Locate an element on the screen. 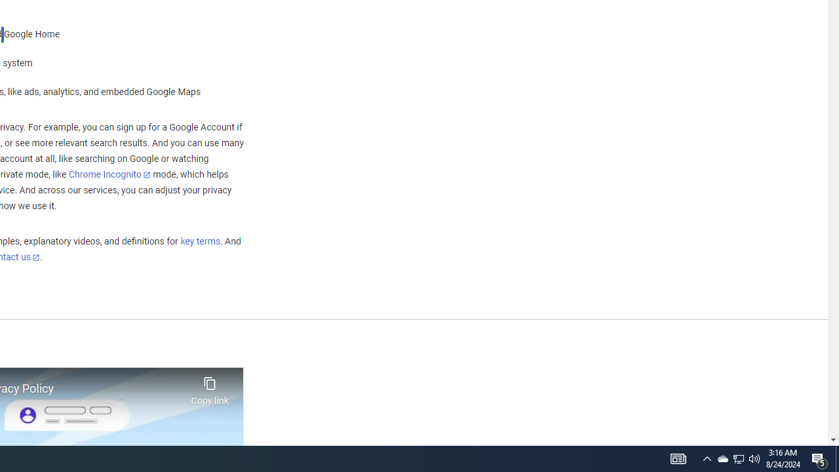 The height and width of the screenshot is (472, 839). 'Copy link' is located at coordinates (210, 387).